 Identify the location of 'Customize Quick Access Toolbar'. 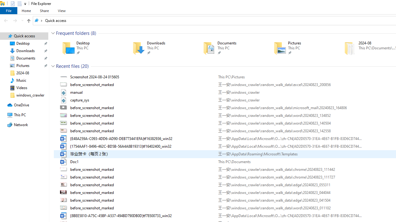
(25, 3).